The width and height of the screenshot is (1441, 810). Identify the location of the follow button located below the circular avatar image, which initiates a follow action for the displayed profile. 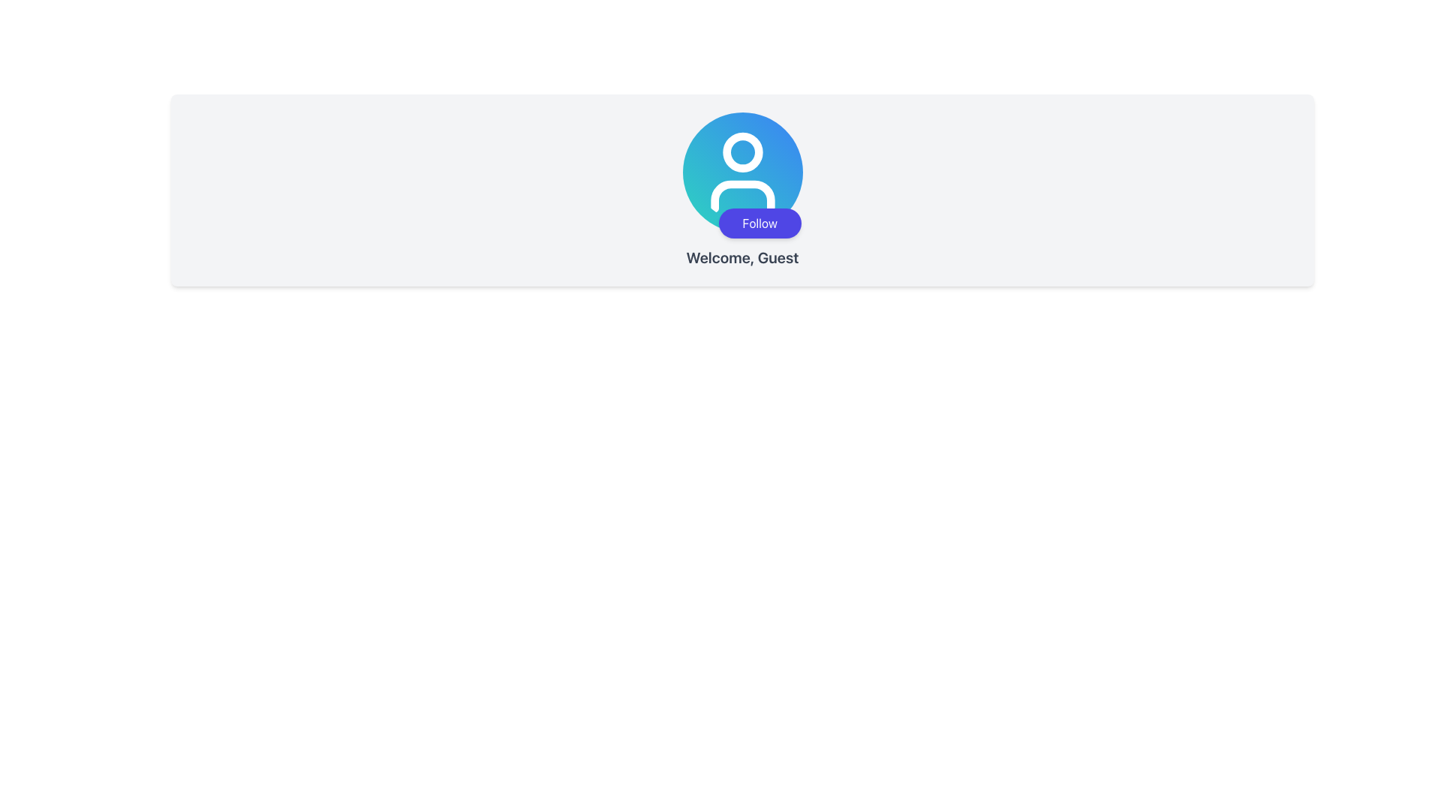
(760, 223).